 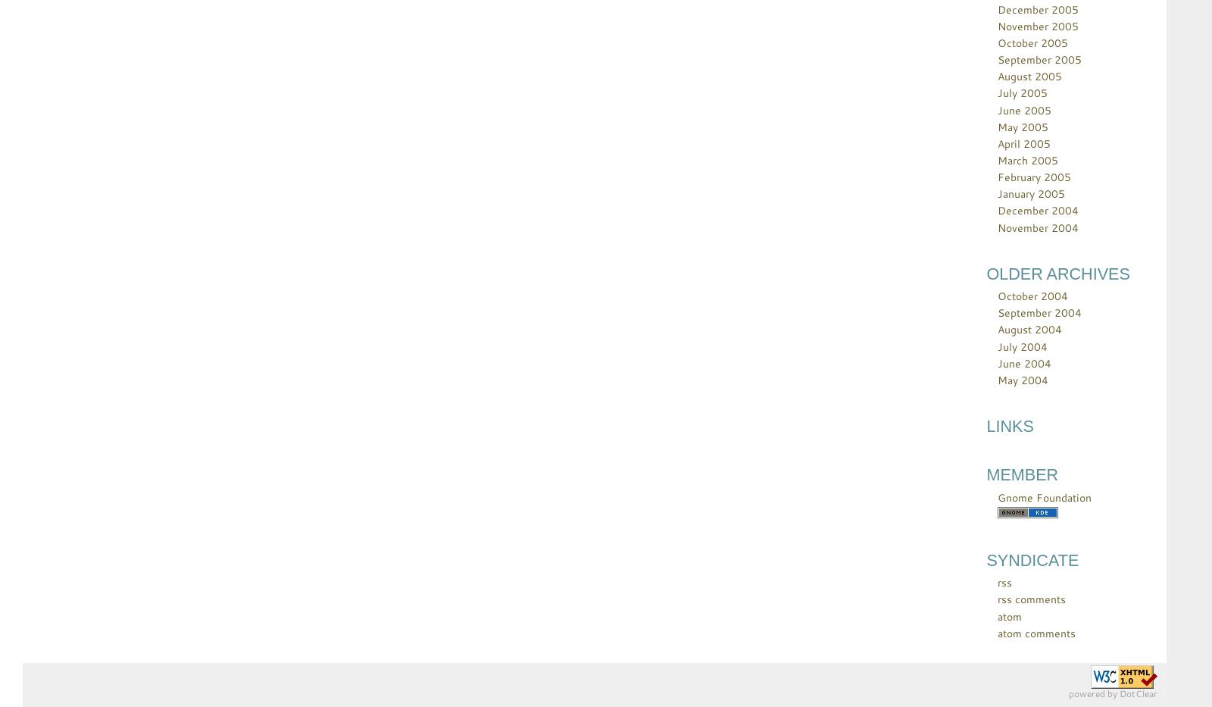 What do you see at coordinates (996, 76) in the screenshot?
I see `'August 2005'` at bounding box center [996, 76].